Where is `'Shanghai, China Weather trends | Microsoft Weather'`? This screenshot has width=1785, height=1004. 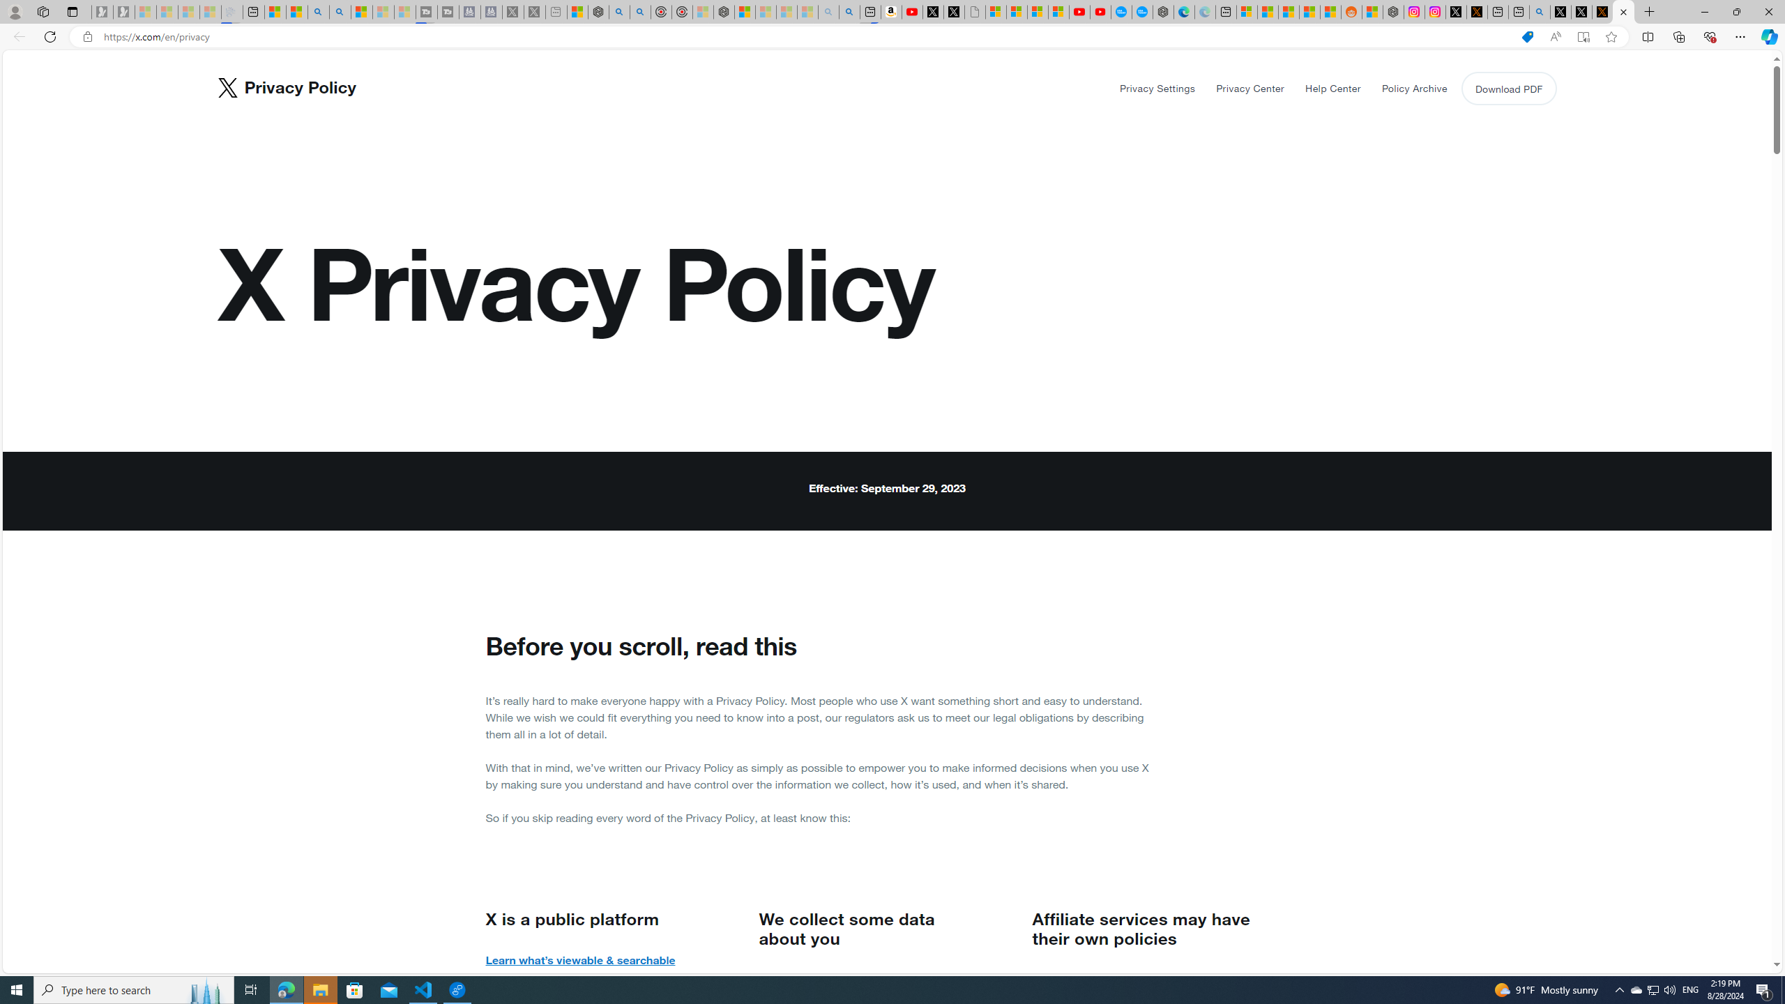 'Shanghai, China Weather trends | Microsoft Weather' is located at coordinates (1330, 11).